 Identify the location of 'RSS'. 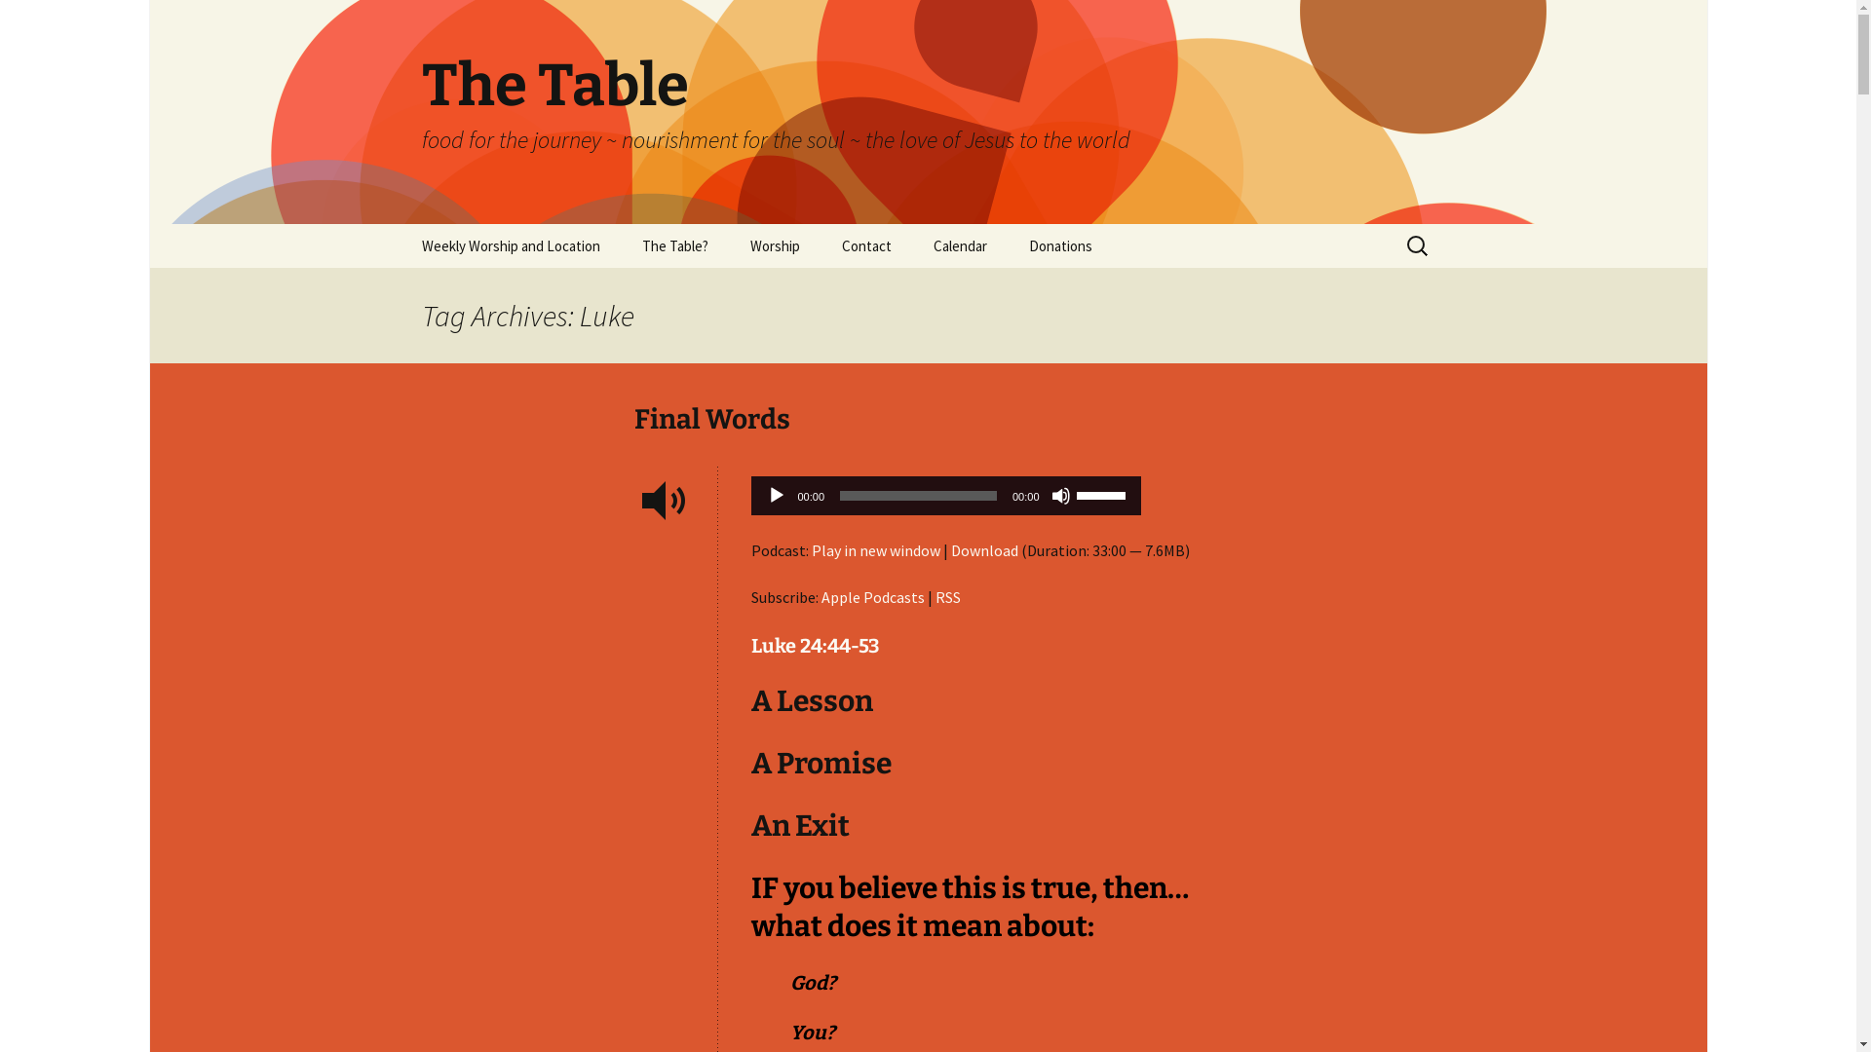
(948, 596).